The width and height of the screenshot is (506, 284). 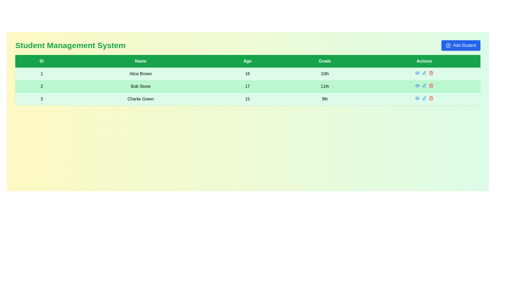 I want to click on the numeric text '15' displayed in black on a light green background, located in the third row and third column of the table under the 'Student Management System' header, so click(x=247, y=99).